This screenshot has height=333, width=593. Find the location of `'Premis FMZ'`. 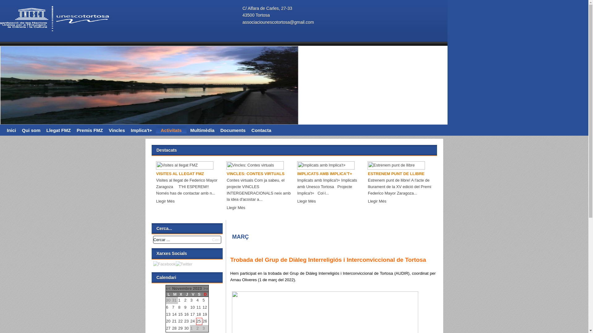

'Premis FMZ' is located at coordinates (74, 130).